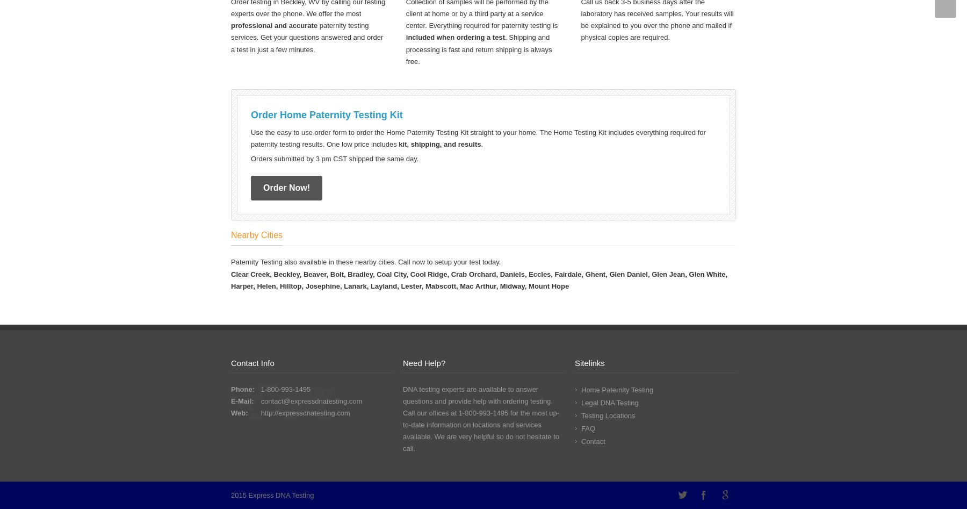  What do you see at coordinates (455, 37) in the screenshot?
I see `'included when ordering a test'` at bounding box center [455, 37].